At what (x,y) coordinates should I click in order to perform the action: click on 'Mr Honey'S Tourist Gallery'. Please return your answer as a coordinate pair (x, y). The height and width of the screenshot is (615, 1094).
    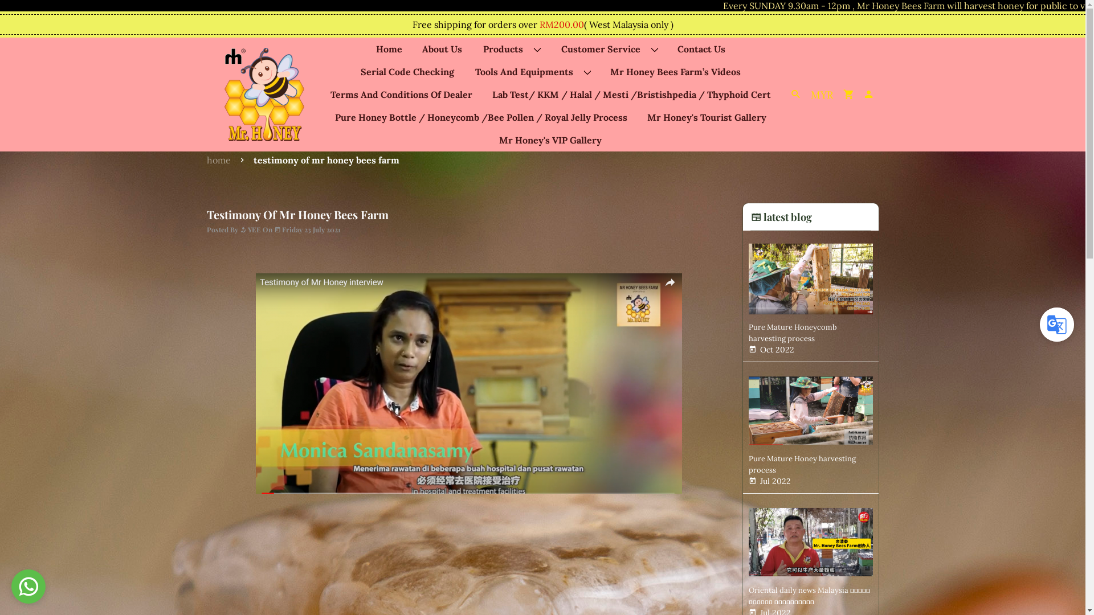
    Looking at the image, I should click on (706, 117).